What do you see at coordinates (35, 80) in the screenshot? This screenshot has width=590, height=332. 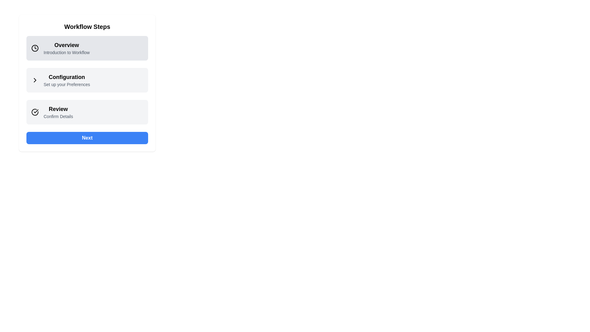 I see `the chevron icon located to the right of the 'Configuration' label in the 'Workflow Steps' section, which indicates a navigational action or expandable content` at bounding box center [35, 80].